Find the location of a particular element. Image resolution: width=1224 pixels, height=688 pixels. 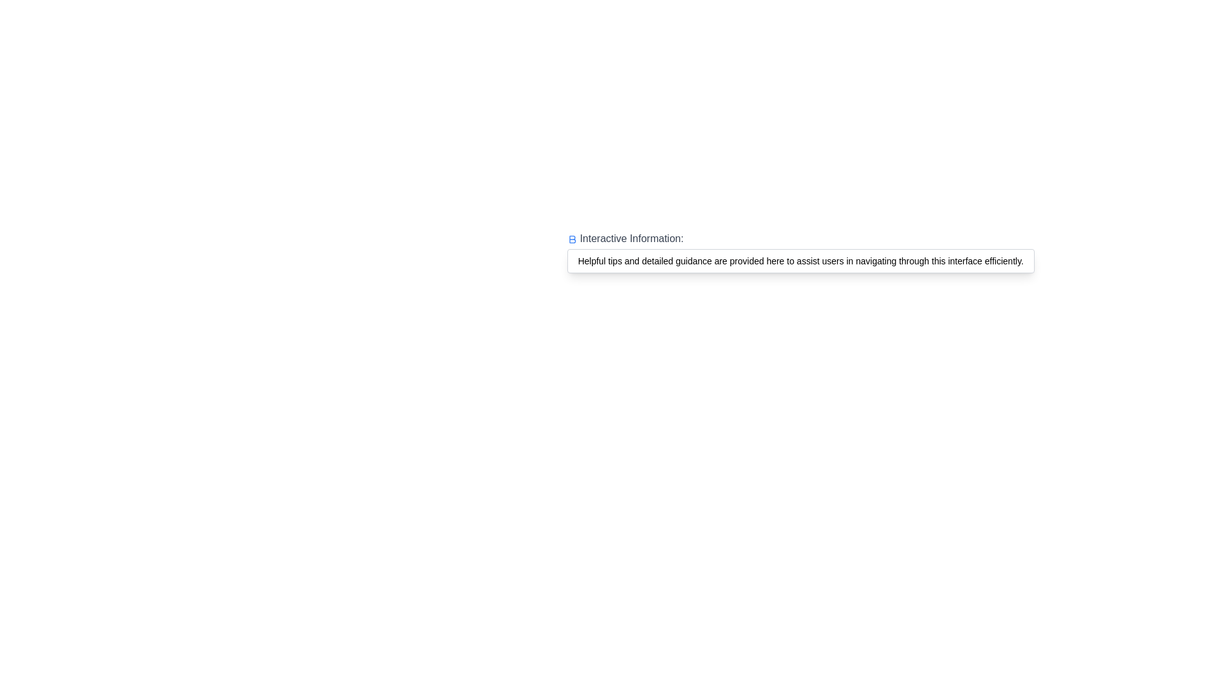

the decorative or informative SVG icon located to the left of the 'Interactive Information' text element is located at coordinates (571, 239).